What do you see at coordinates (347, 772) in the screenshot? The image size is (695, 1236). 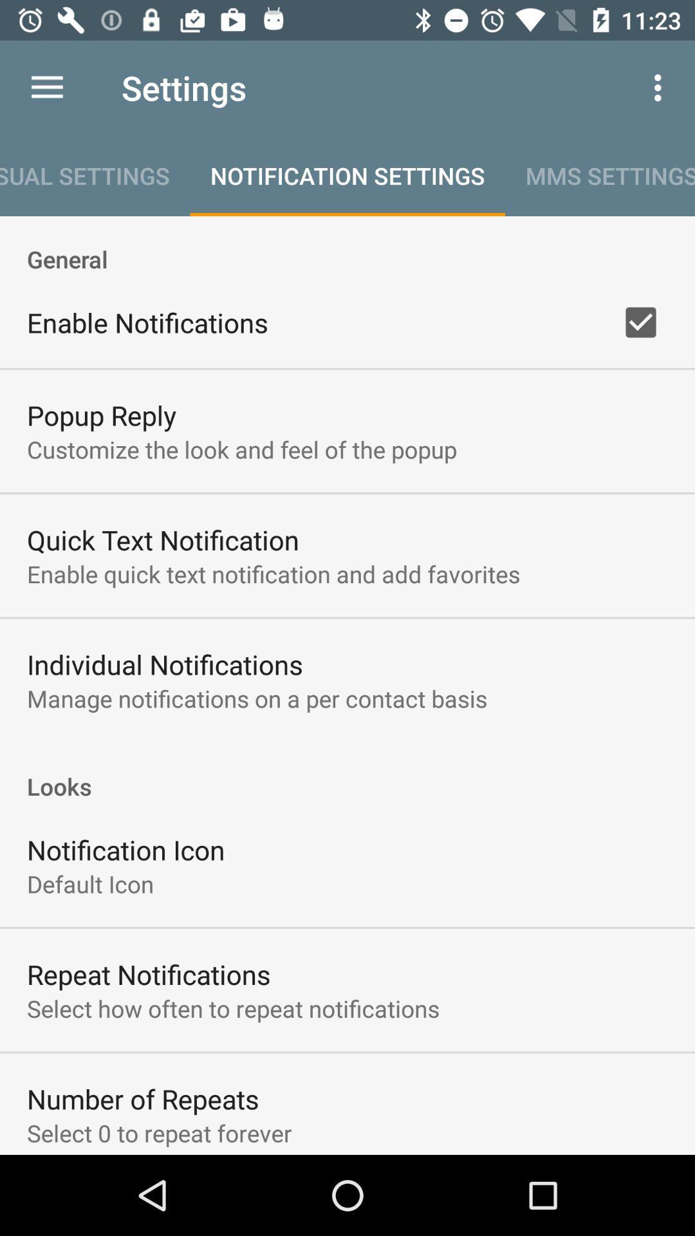 I see `looks icon` at bounding box center [347, 772].